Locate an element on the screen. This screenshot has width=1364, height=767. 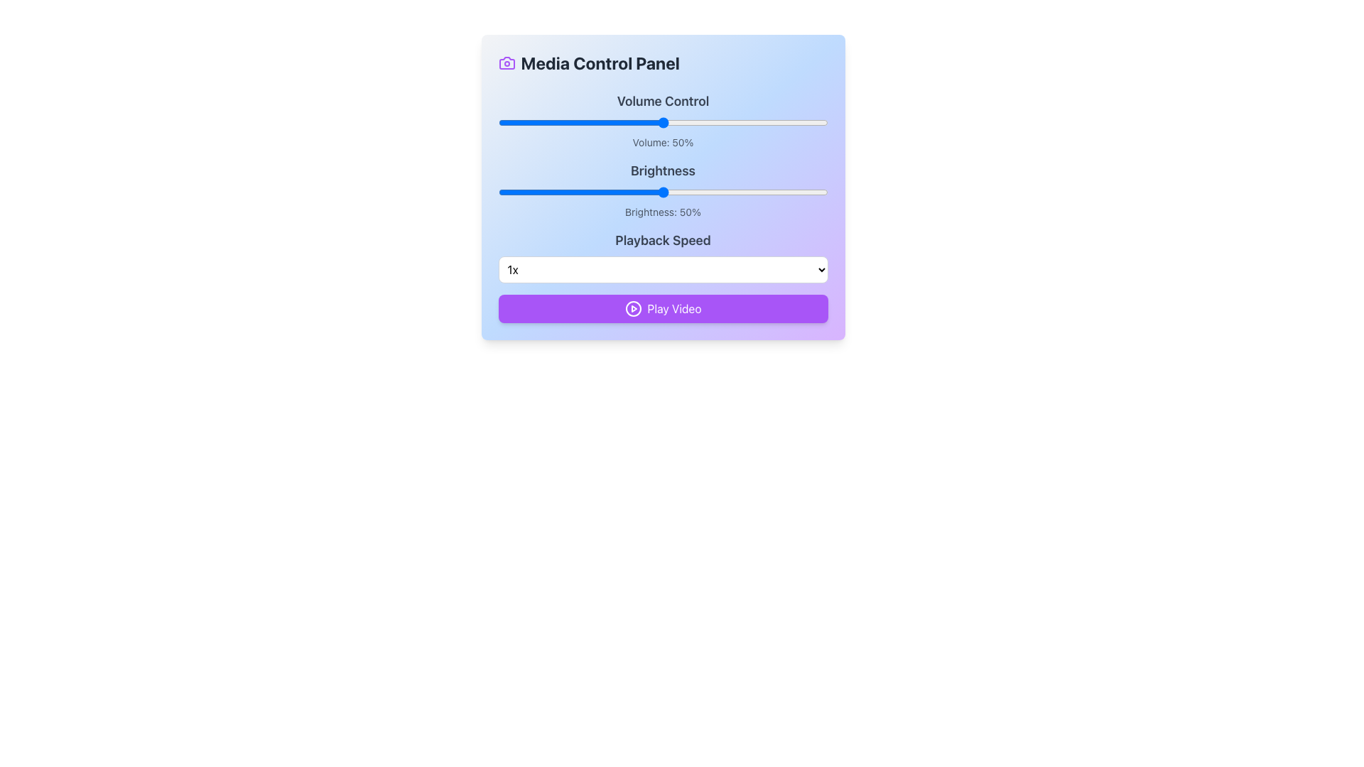
the volume is located at coordinates (632, 122).